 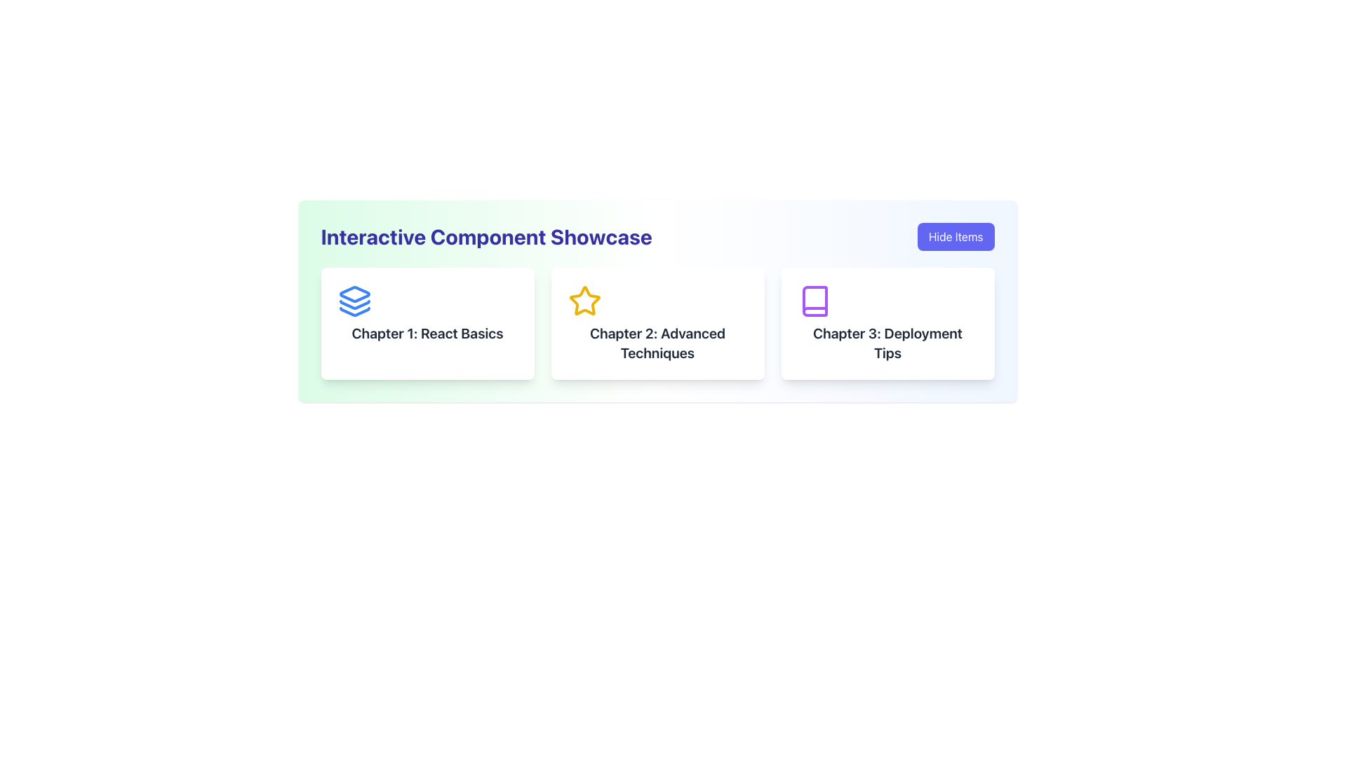 What do you see at coordinates (657, 343) in the screenshot?
I see `text label reading 'Chapter 2: Advanced Techniques', which is styled in a large, bold font and positioned centrally below a yellow star icon in the second card of a horizontal series` at bounding box center [657, 343].